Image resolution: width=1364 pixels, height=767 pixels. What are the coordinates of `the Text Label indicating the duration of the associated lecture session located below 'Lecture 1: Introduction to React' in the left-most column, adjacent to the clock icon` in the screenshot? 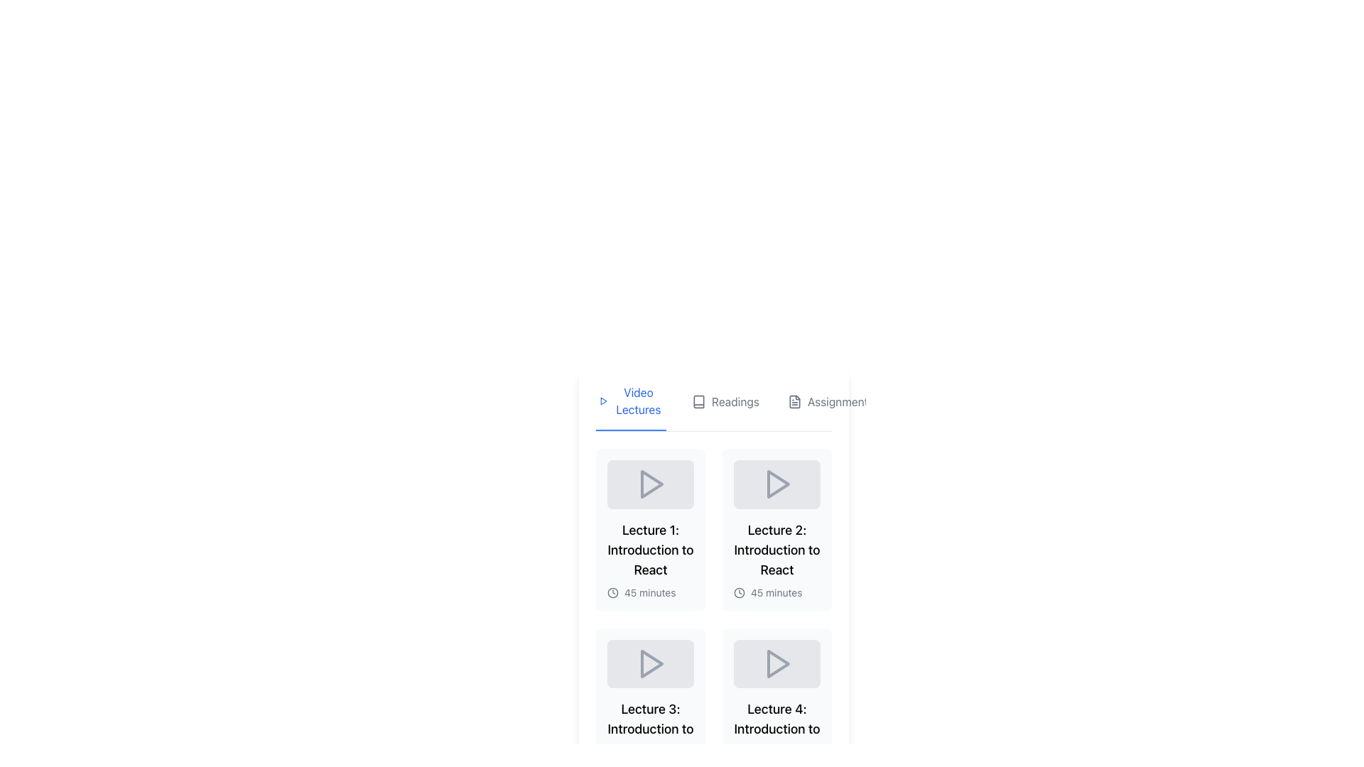 It's located at (649, 592).